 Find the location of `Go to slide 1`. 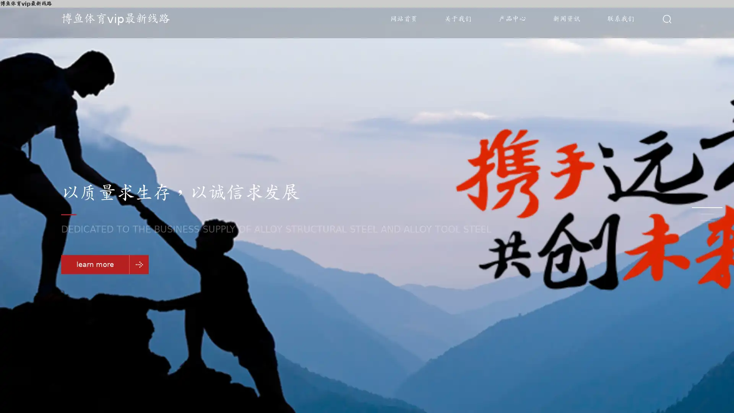

Go to slide 1 is located at coordinates (706, 208).